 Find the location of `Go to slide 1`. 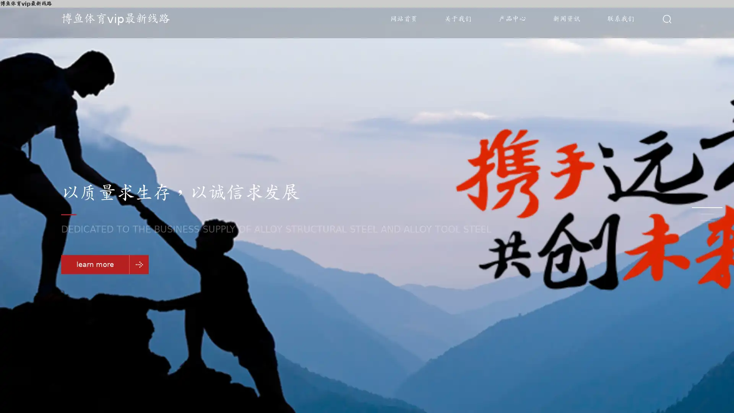

Go to slide 1 is located at coordinates (706, 208).